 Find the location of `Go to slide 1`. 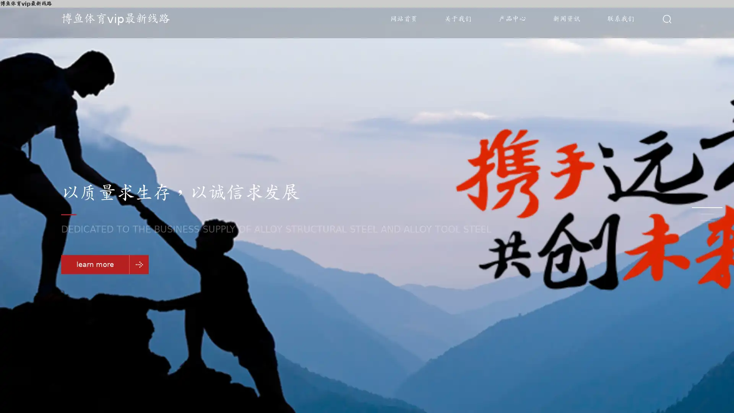

Go to slide 1 is located at coordinates (706, 208).